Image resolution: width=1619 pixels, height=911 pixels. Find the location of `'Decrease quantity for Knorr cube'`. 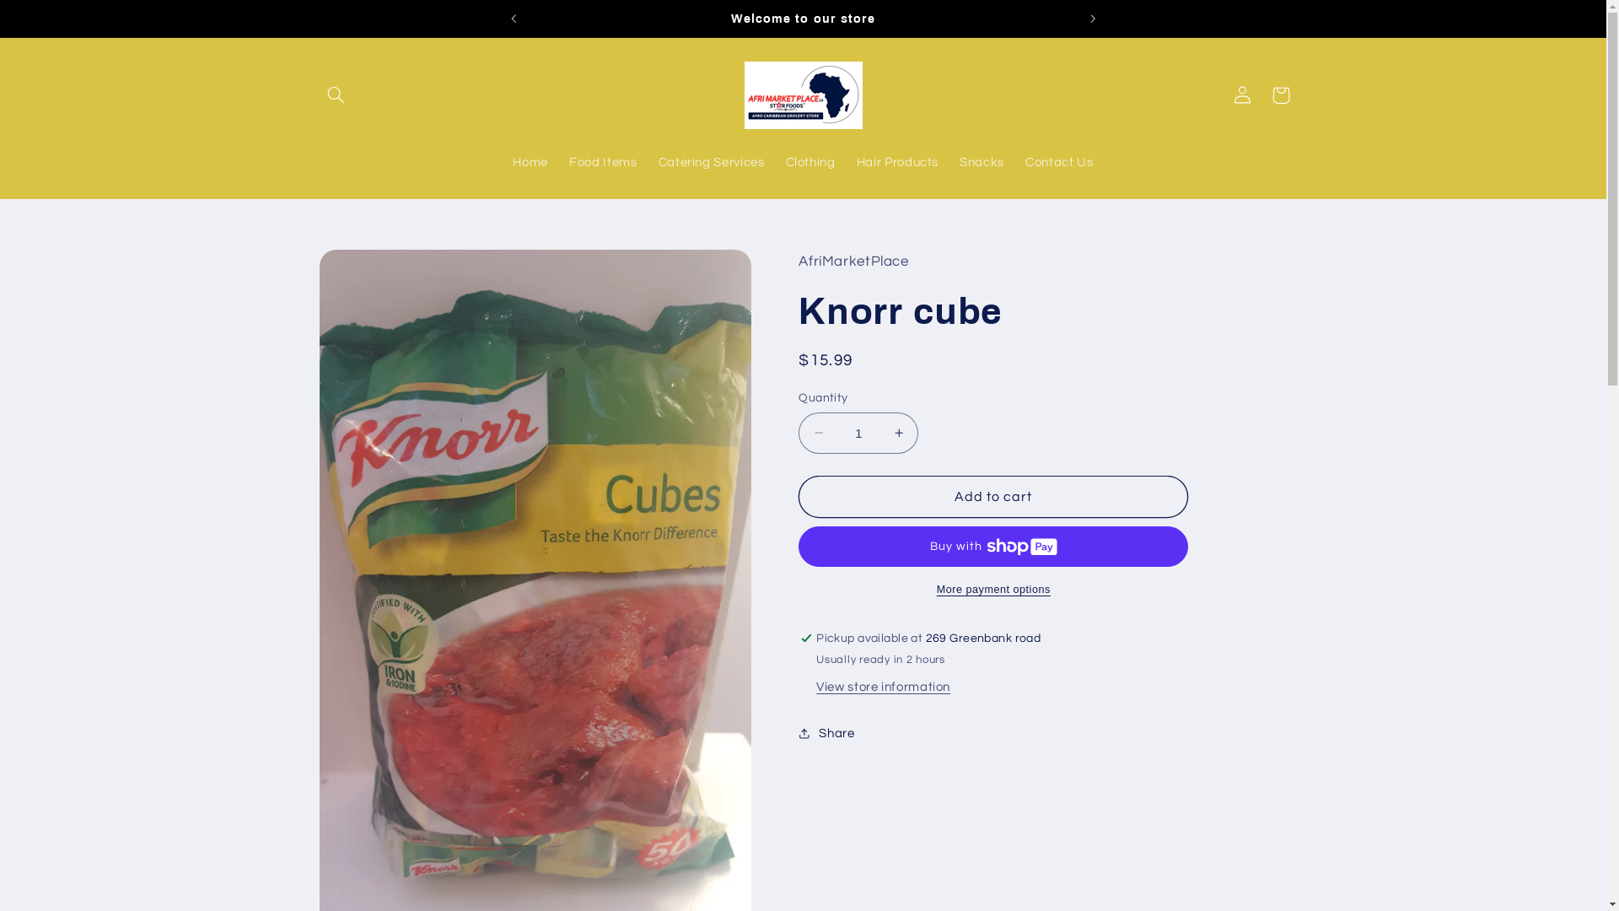

'Decrease quantity for Knorr cube' is located at coordinates (818, 432).